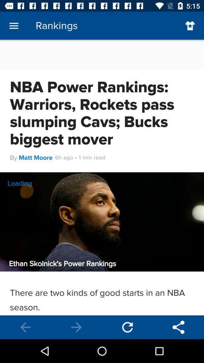  I want to click on go back, so click(25, 327).